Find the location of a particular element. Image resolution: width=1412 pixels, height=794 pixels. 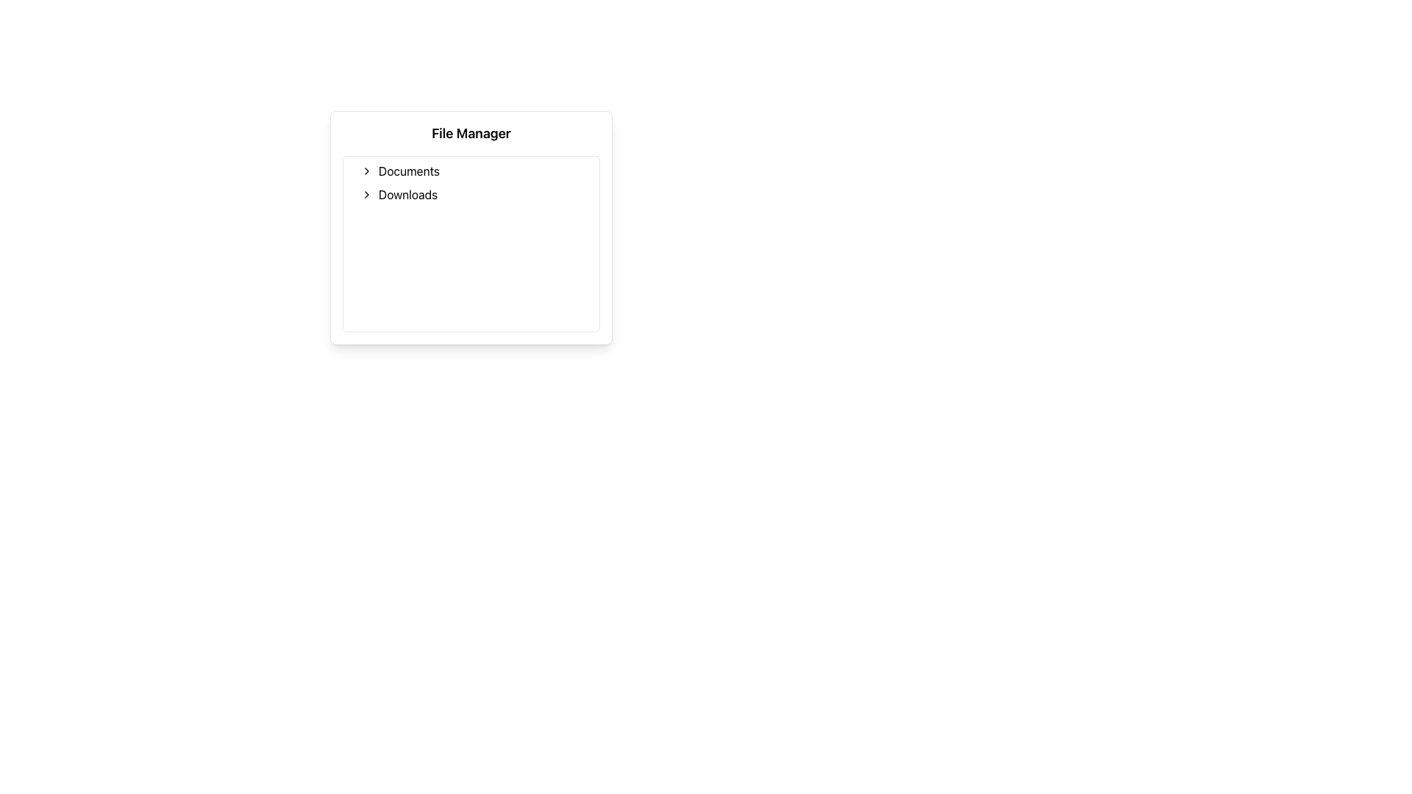

the navigational icon located to the left of the 'Documents' text is located at coordinates (367, 170).